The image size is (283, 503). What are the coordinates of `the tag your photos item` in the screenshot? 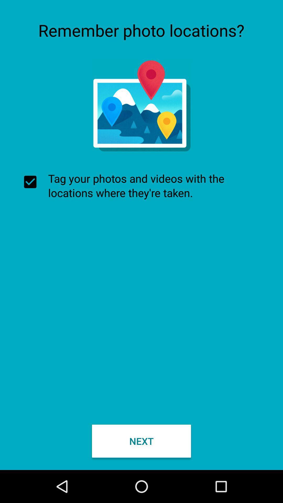 It's located at (141, 185).